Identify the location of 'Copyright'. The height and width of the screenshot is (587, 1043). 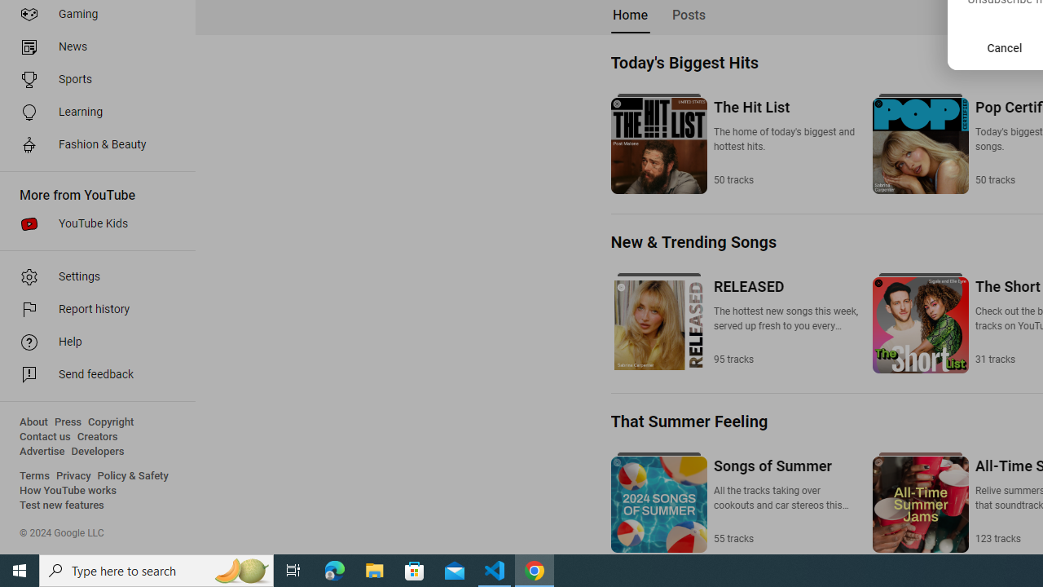
(110, 421).